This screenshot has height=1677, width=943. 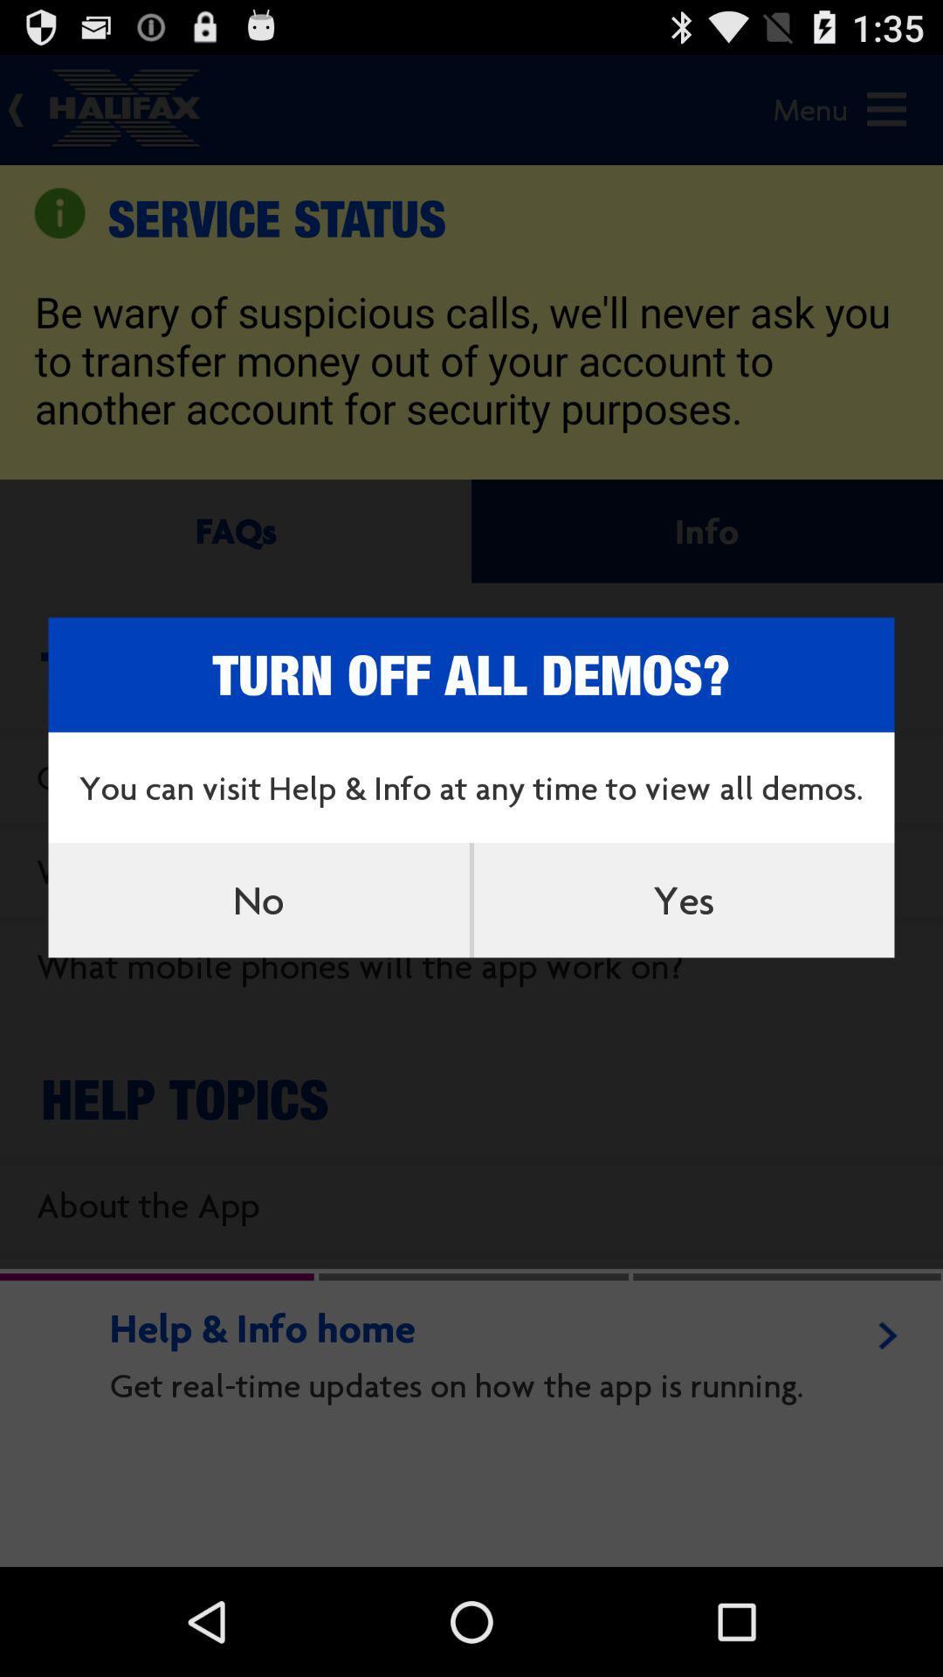 I want to click on no, so click(x=258, y=900).